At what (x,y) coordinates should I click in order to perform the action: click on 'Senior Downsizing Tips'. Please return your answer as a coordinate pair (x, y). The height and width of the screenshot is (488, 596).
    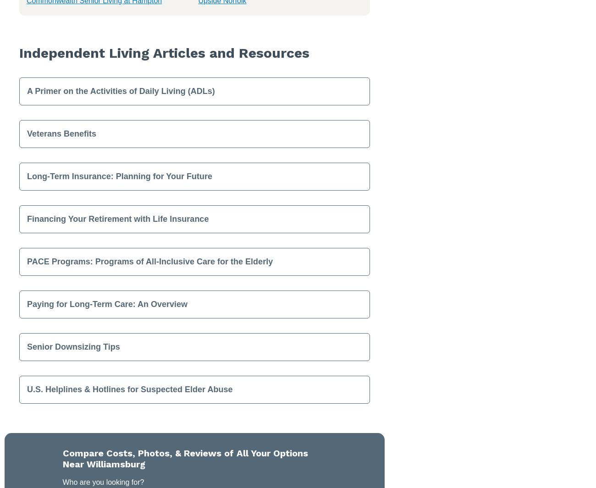
    Looking at the image, I should click on (27, 346).